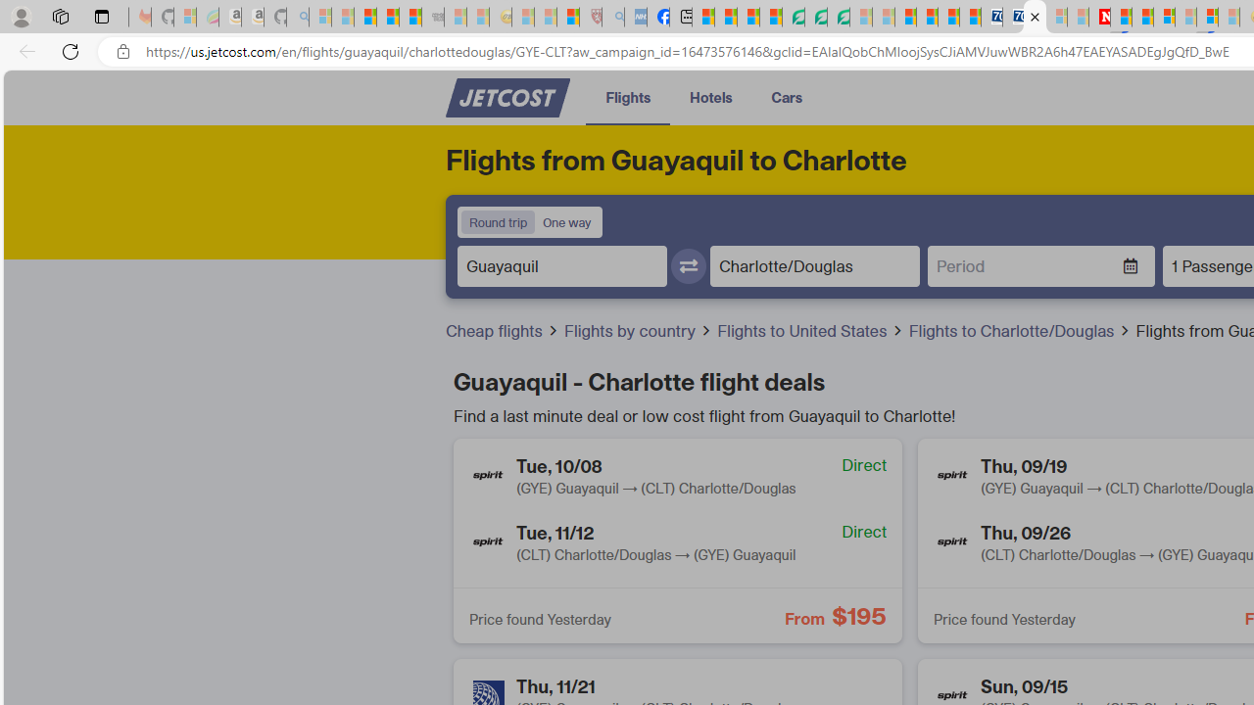 The height and width of the screenshot is (705, 1254). I want to click on 'Microsoft Word - consumer-privacy address update 2.2021', so click(838, 17).